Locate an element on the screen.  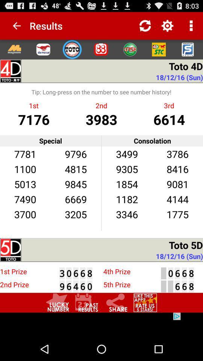
launch advertisement is located at coordinates (101, 325).